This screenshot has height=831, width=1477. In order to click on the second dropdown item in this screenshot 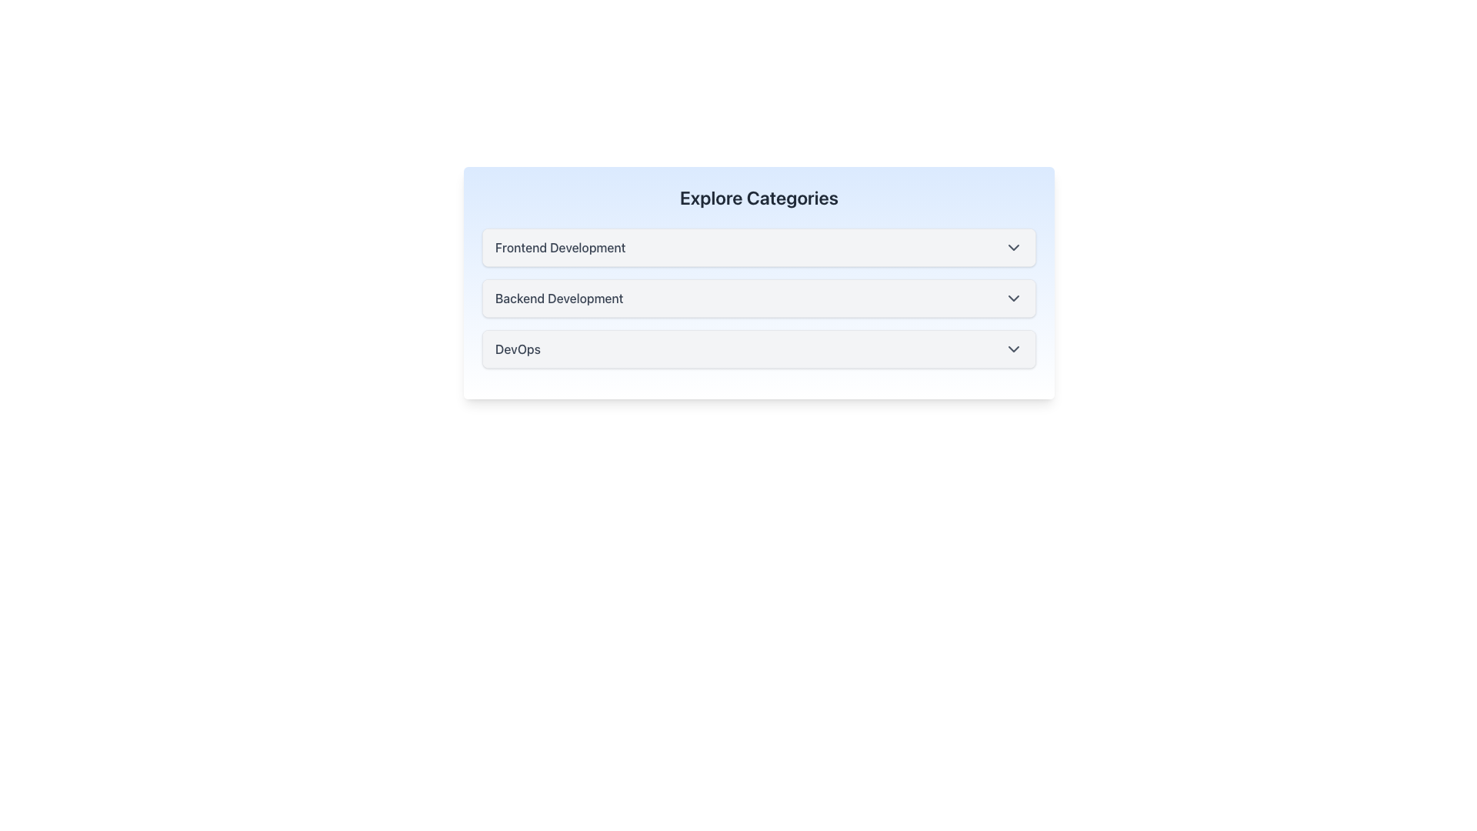, I will do `click(759, 299)`.